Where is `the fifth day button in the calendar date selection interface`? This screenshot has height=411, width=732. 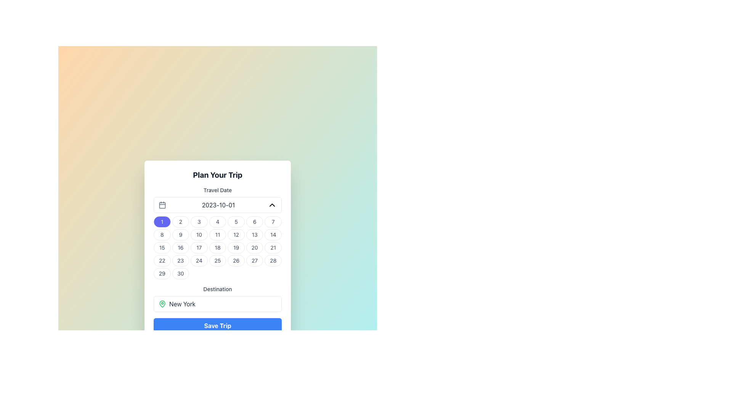 the fifth day button in the calendar date selection interface is located at coordinates (236, 221).